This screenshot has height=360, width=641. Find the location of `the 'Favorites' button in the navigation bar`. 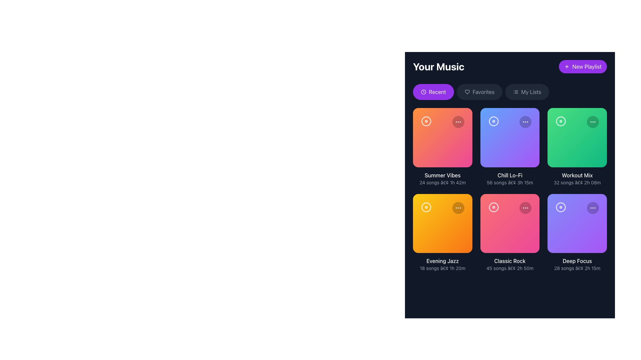

the 'Favorites' button in the navigation bar is located at coordinates (483, 92).